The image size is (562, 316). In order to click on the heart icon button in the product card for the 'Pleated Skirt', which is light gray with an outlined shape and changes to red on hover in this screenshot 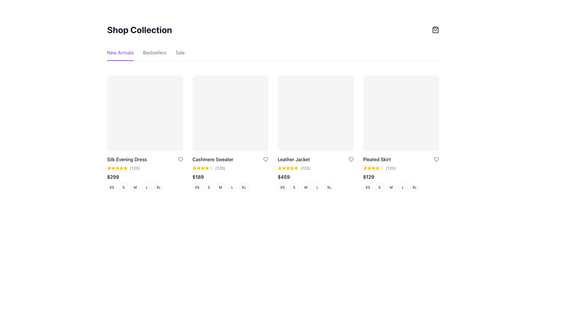, I will do `click(436, 159)`.